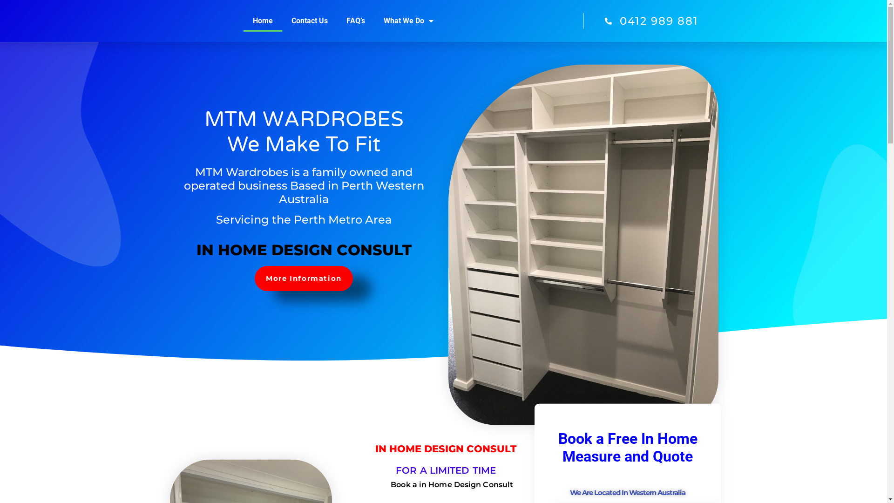 This screenshot has height=503, width=894. I want to click on 'Contact Us', so click(281, 21).